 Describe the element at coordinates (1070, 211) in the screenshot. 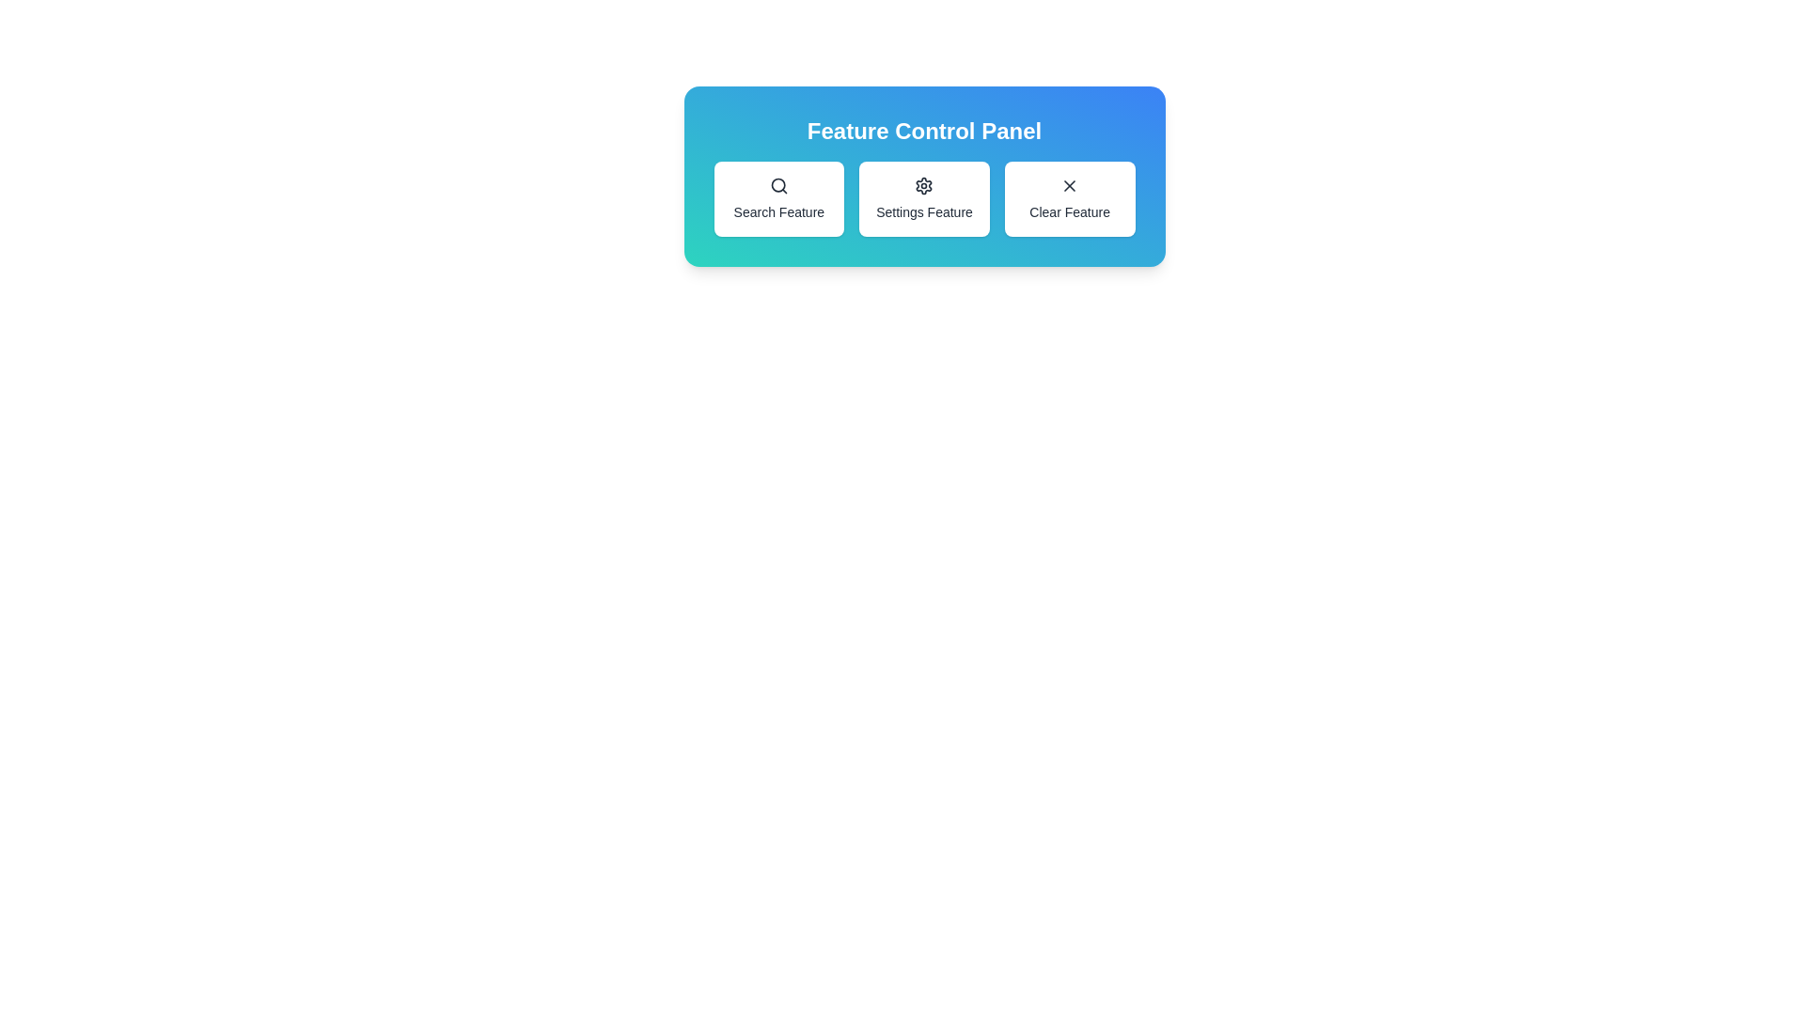

I see `the text label that reads 'Clear Feature', which is located within the right-most button of the horizontal button group in the 'Feature Control Panel' modal` at that location.